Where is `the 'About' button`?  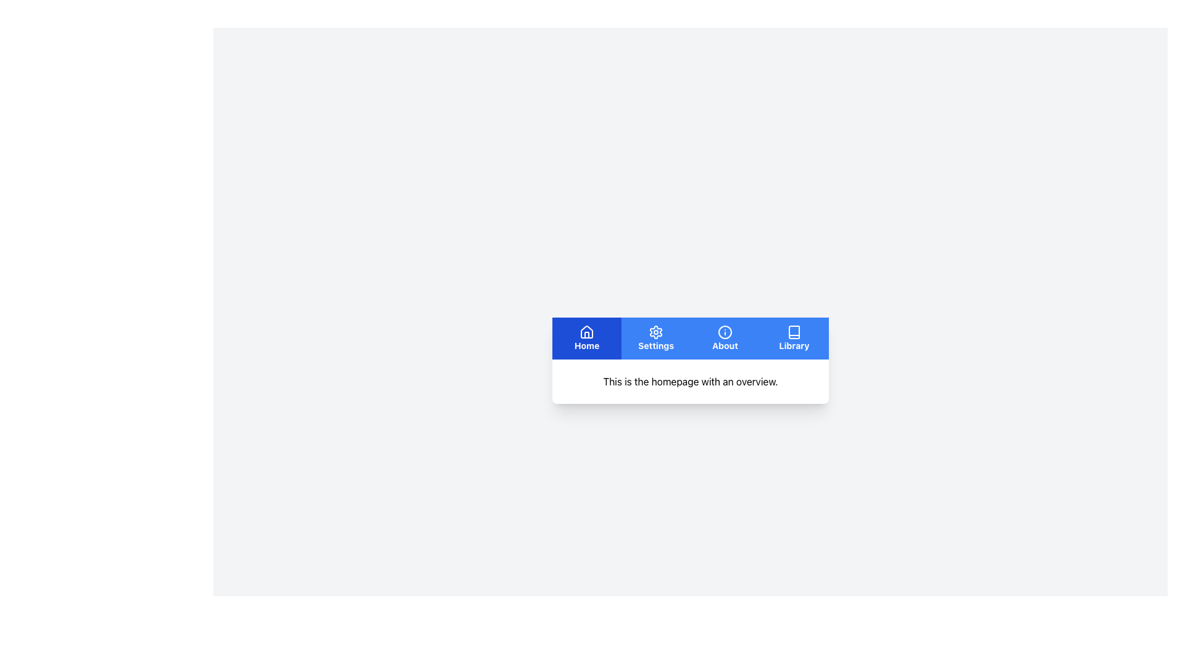 the 'About' button is located at coordinates (725, 338).